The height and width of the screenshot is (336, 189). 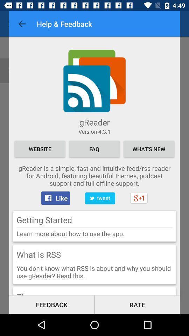 I want to click on the icon below the like icon, so click(x=44, y=219).